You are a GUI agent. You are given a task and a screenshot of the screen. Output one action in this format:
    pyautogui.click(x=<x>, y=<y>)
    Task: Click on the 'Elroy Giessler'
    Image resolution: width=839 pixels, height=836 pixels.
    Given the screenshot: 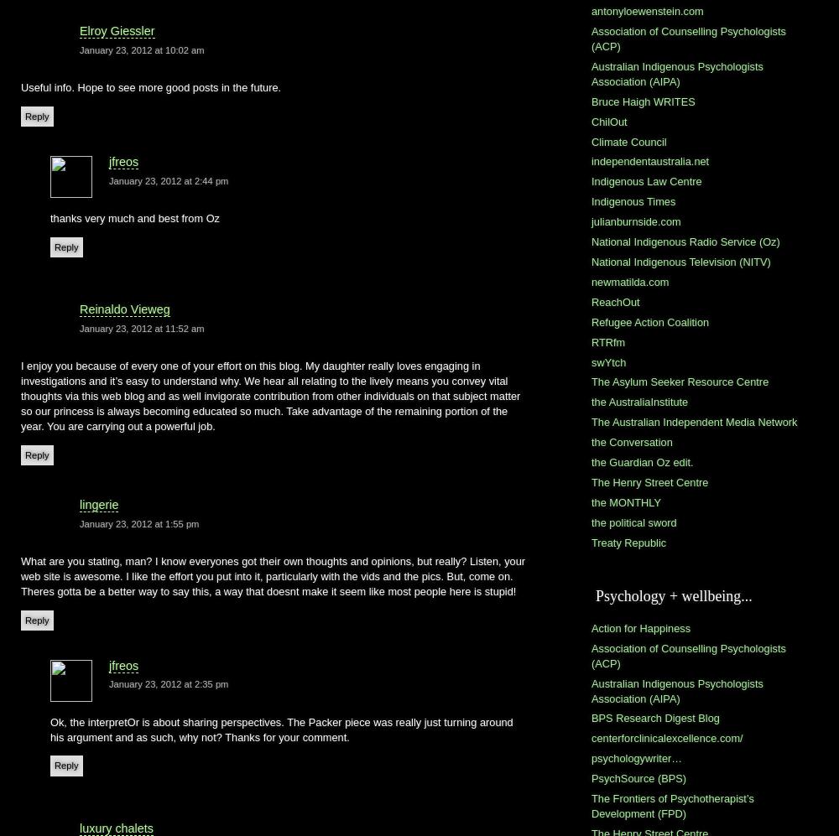 What is the action you would take?
    pyautogui.click(x=117, y=30)
    